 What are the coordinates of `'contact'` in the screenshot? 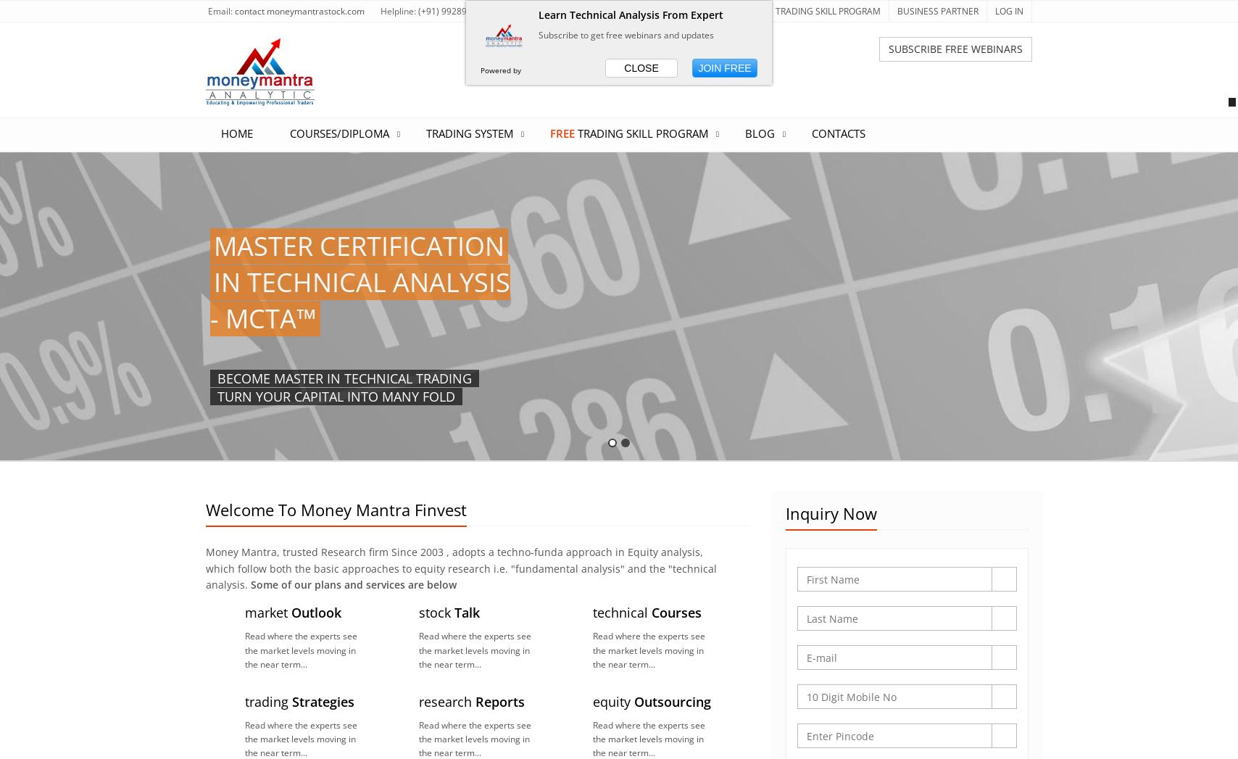 It's located at (235, 10).